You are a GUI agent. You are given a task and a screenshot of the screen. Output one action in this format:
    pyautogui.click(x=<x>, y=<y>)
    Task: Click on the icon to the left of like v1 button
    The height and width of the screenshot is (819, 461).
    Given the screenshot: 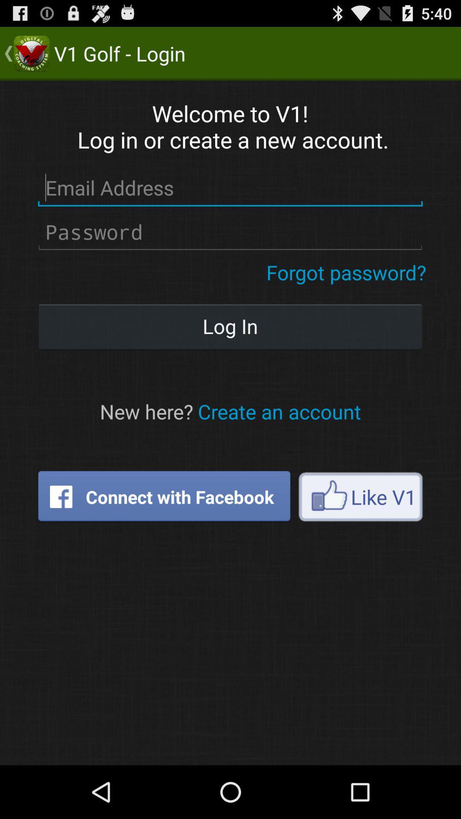 What is the action you would take?
    pyautogui.click(x=164, y=497)
    